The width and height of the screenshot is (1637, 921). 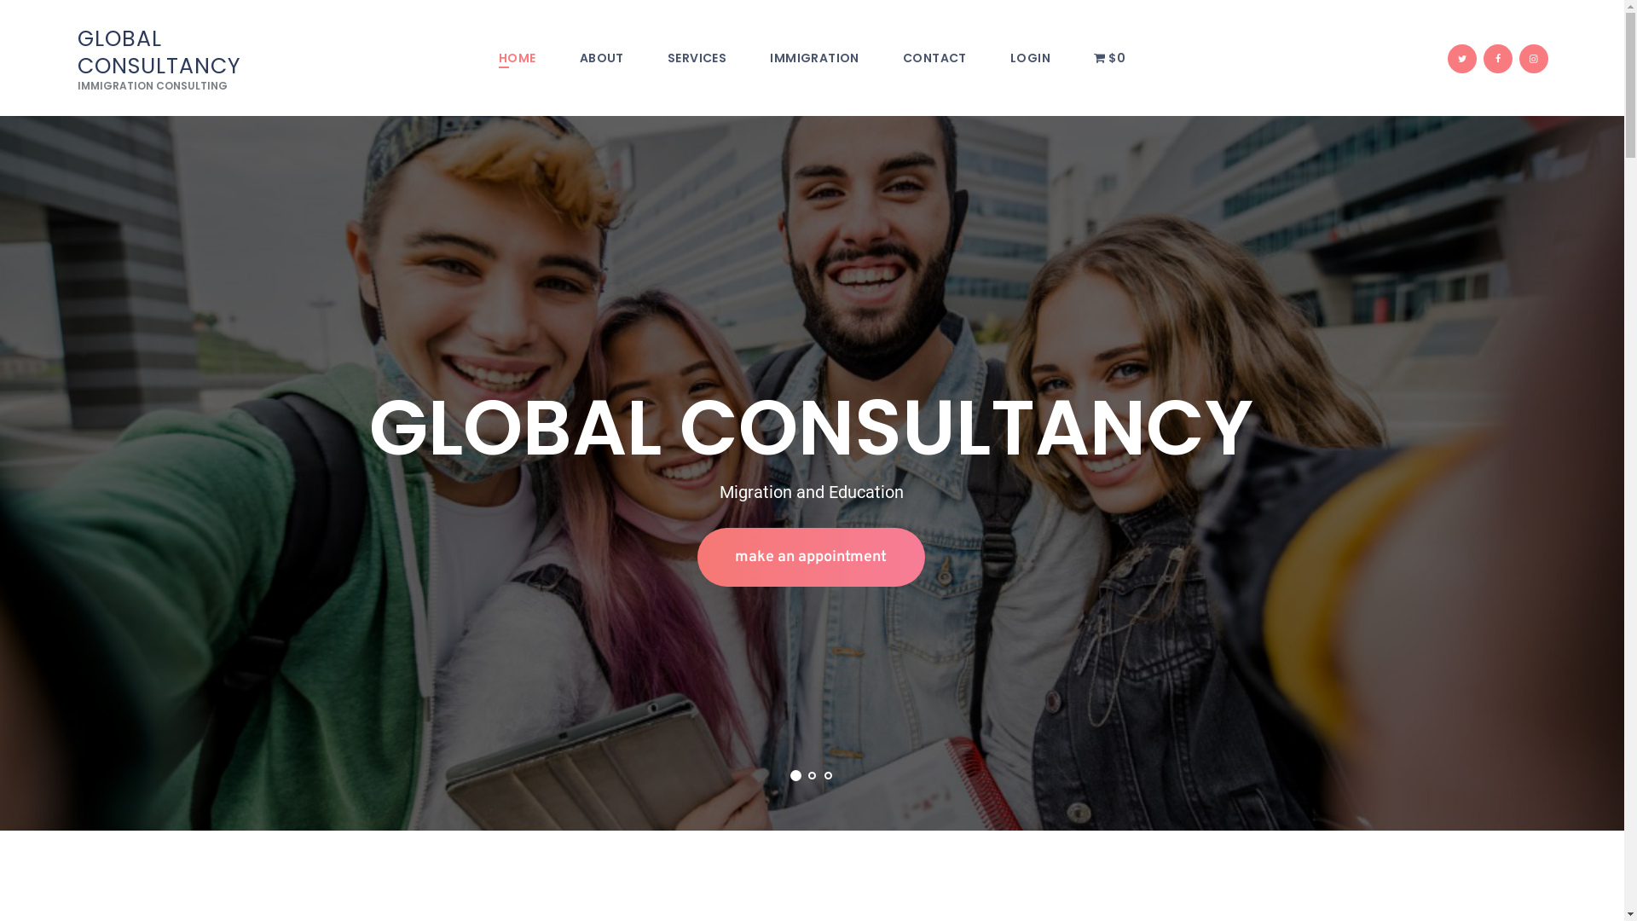 I want to click on '$0', so click(x=1109, y=58).